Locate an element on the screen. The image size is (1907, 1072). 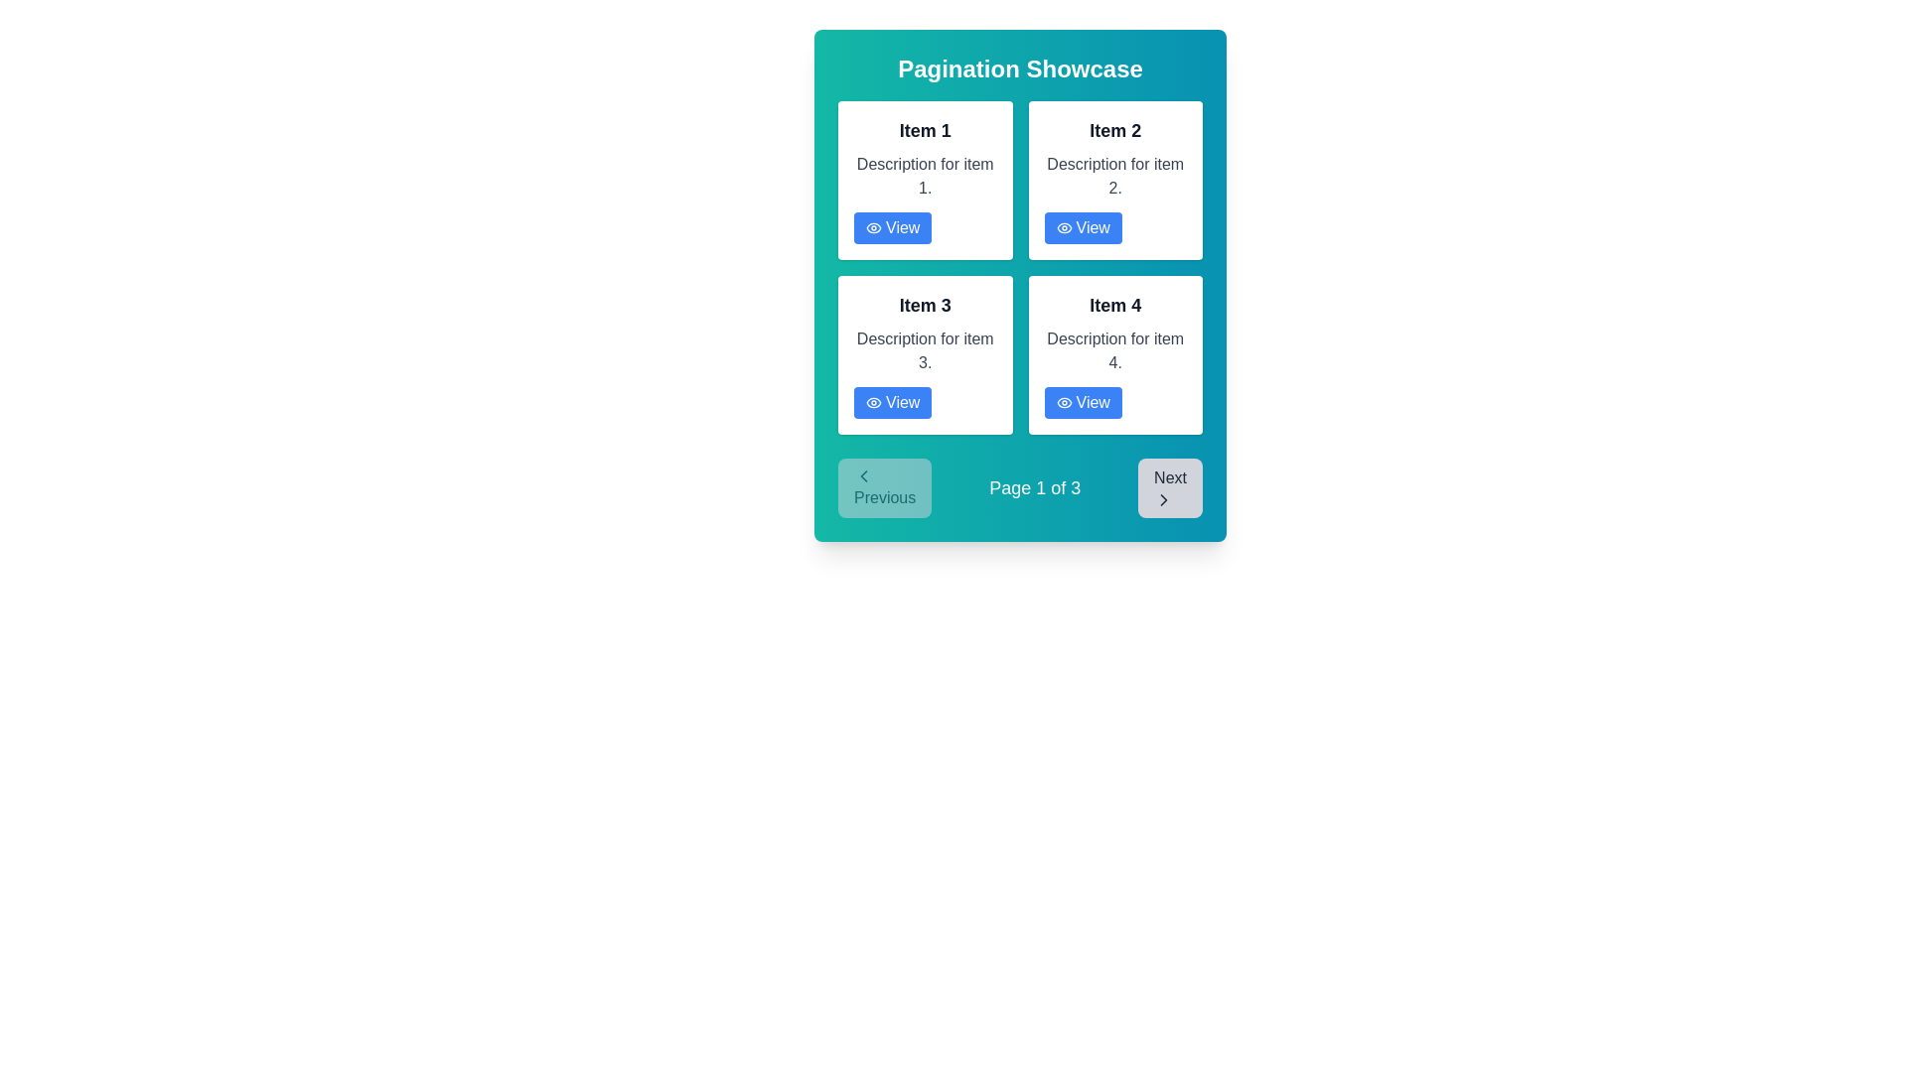
the eye-shaped icon with a circular outline located within the 'View' button for 'Item 3' in the grid interface is located at coordinates (873, 402).